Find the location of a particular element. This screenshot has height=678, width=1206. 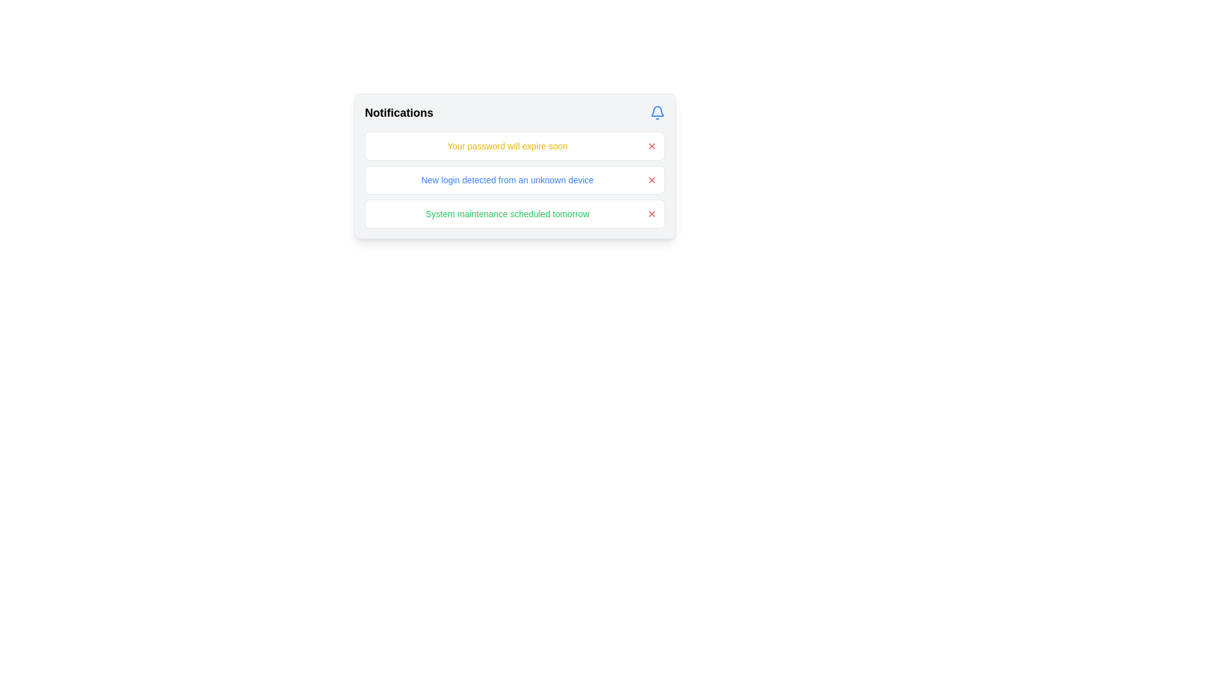

the Text Display that informs the user about the upcoming system maintenance schedule, located within a notification card at the bottom of a stack of three notifications is located at coordinates (507, 213).